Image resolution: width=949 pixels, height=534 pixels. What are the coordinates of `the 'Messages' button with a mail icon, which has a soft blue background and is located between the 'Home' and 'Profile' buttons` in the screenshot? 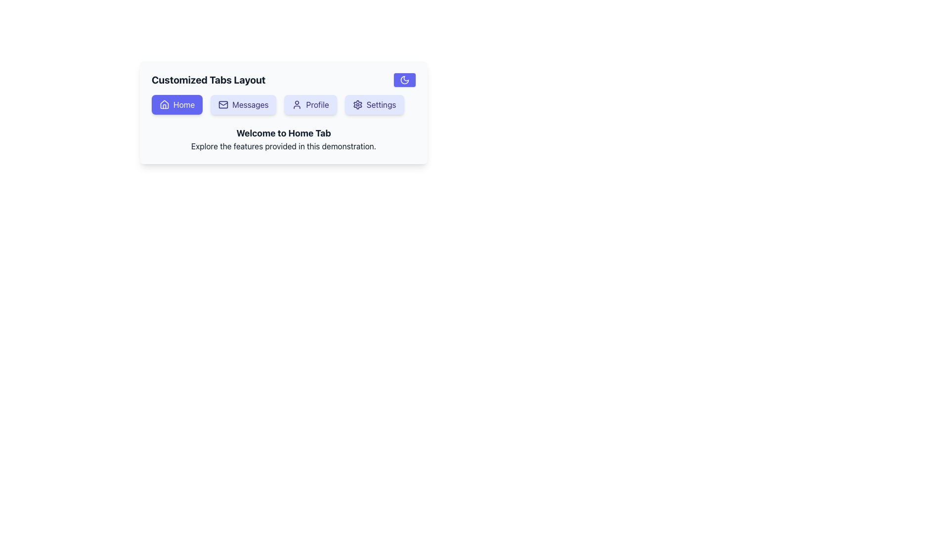 It's located at (243, 105).